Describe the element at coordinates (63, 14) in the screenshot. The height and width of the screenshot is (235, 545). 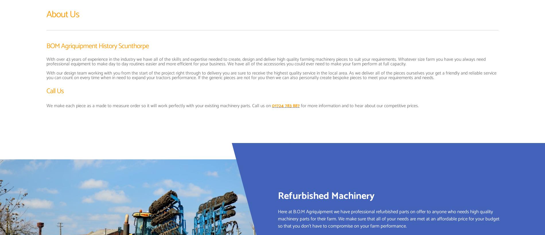
I see `'About Us'` at that location.